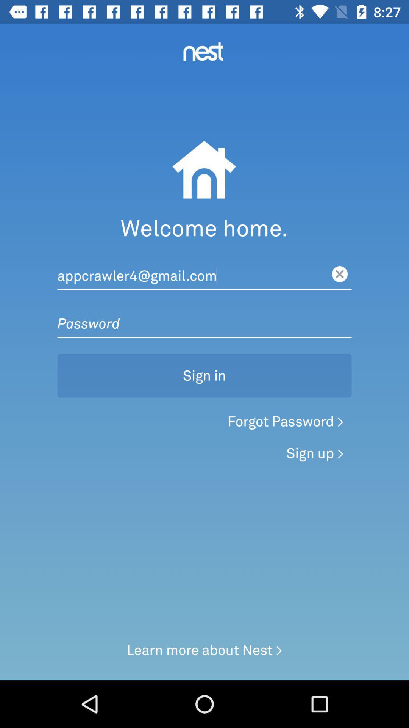 The width and height of the screenshot is (409, 728). Describe the element at coordinates (204, 268) in the screenshot. I see `mail text field` at that location.